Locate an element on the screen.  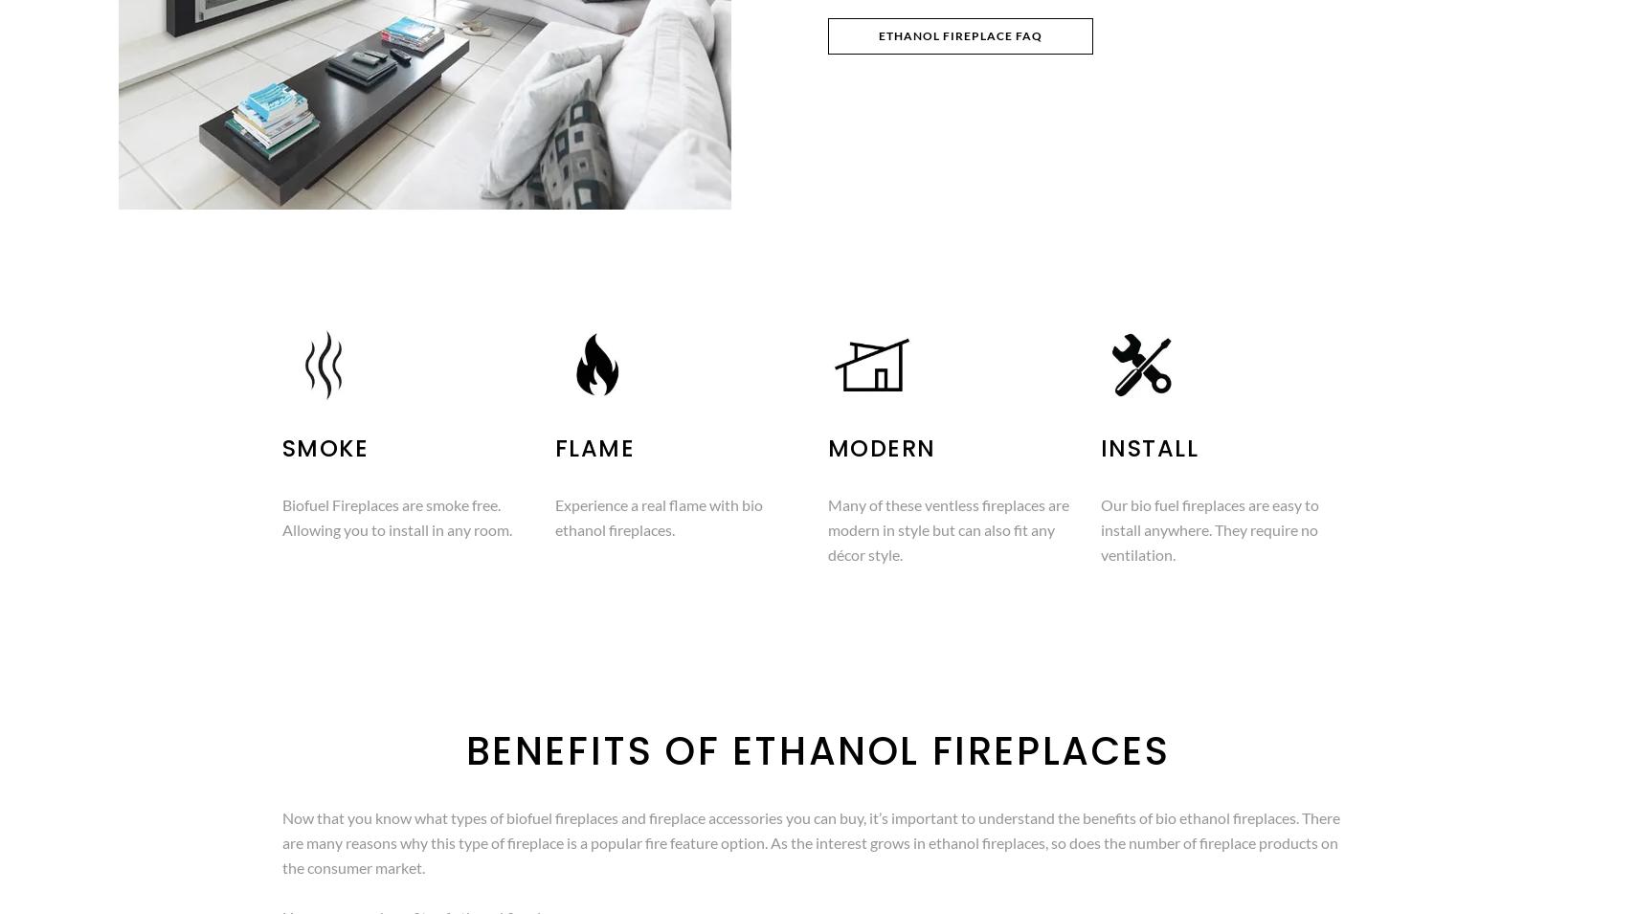
'Ethanol Fireplace FAQ' is located at coordinates (878, 34).